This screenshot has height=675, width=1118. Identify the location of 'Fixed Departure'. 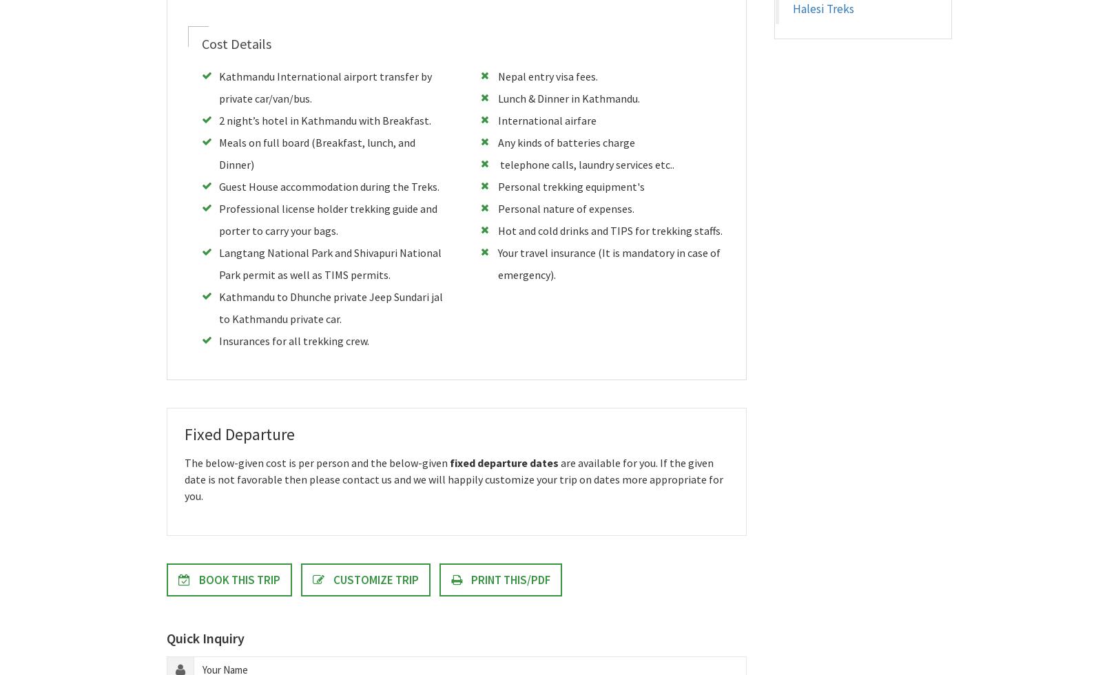
(183, 434).